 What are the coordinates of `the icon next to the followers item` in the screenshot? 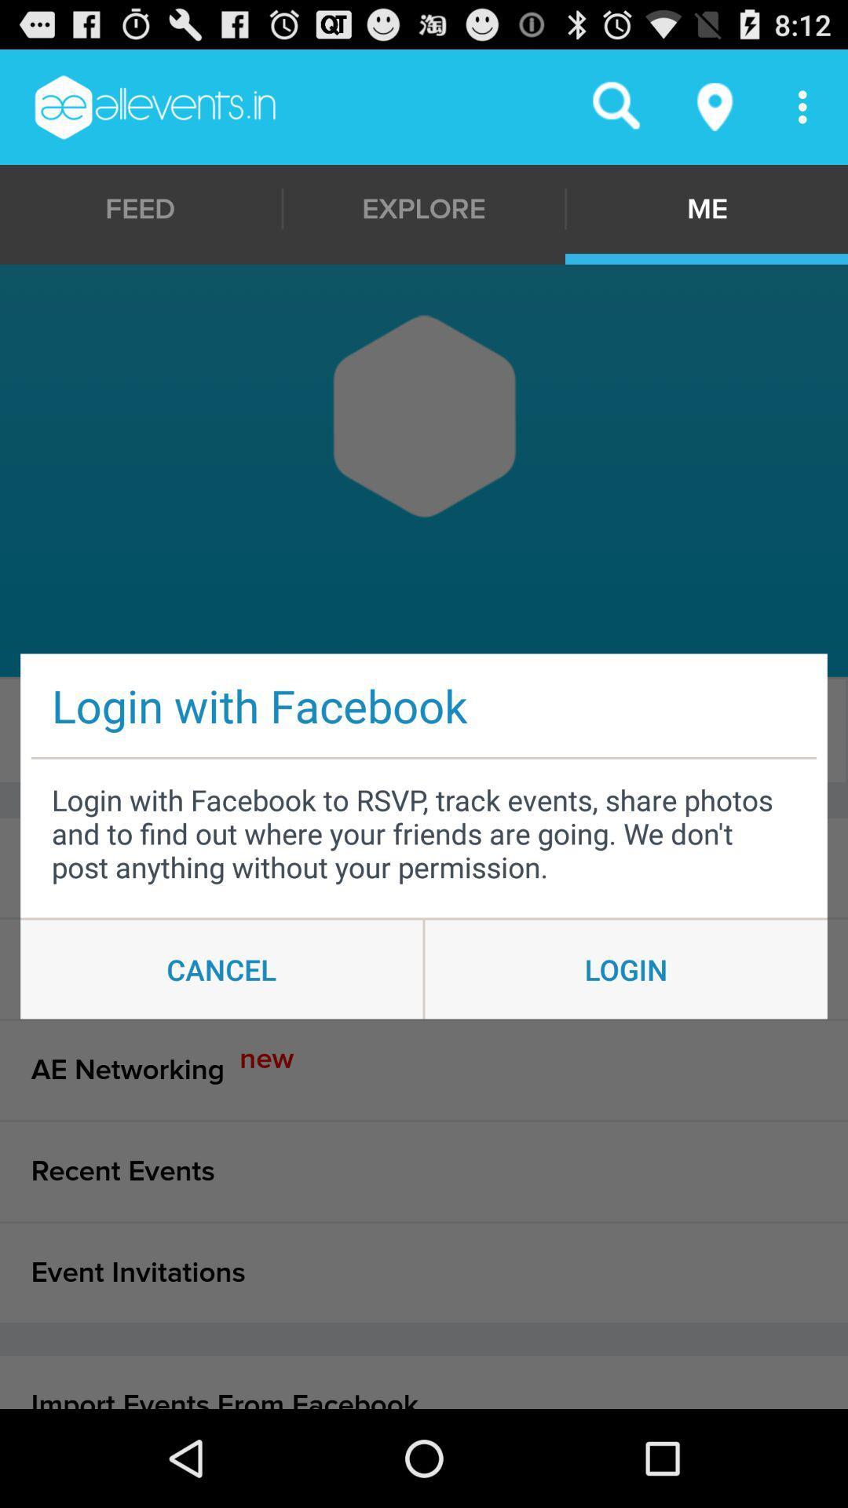 It's located at (704, 730).